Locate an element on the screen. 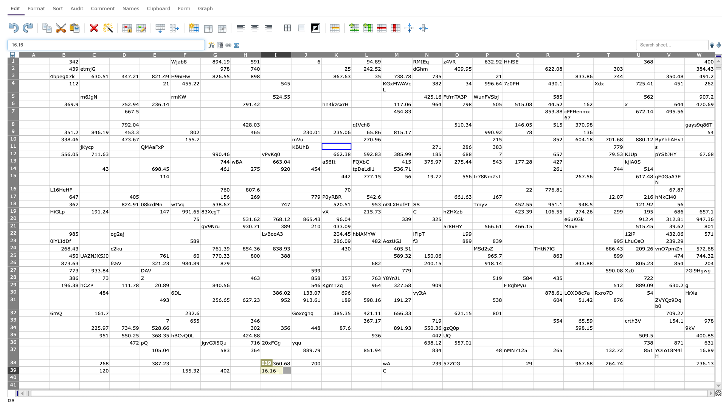 This screenshot has height=408, width=726. left edge of cell K39 is located at coordinates (321, 370).